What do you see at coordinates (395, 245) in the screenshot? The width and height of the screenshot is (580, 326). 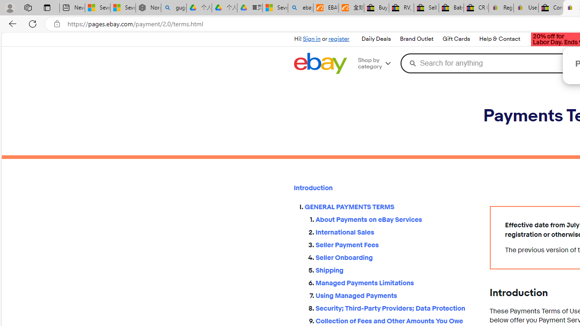 I see `'Seller Payment Fees'` at bounding box center [395, 245].